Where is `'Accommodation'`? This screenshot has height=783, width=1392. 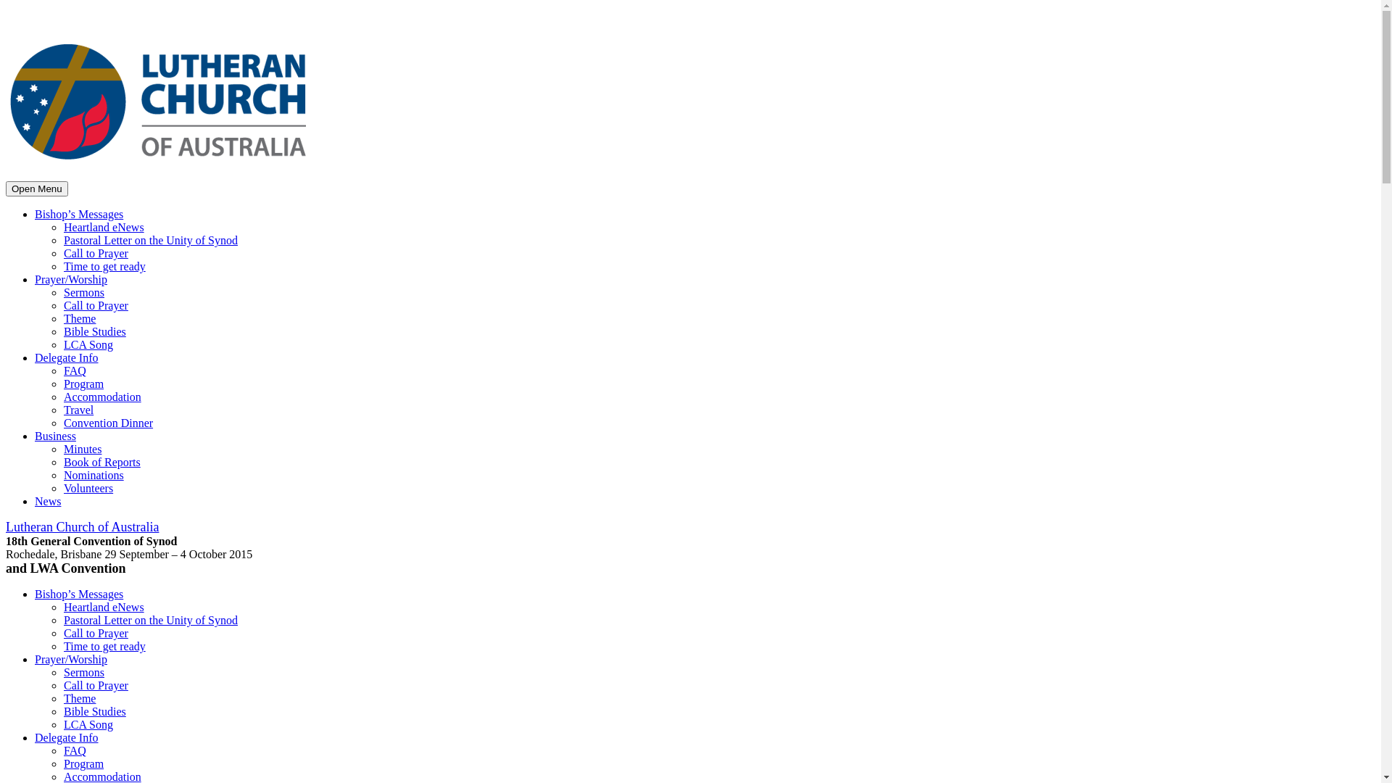
'Accommodation' is located at coordinates (62, 397).